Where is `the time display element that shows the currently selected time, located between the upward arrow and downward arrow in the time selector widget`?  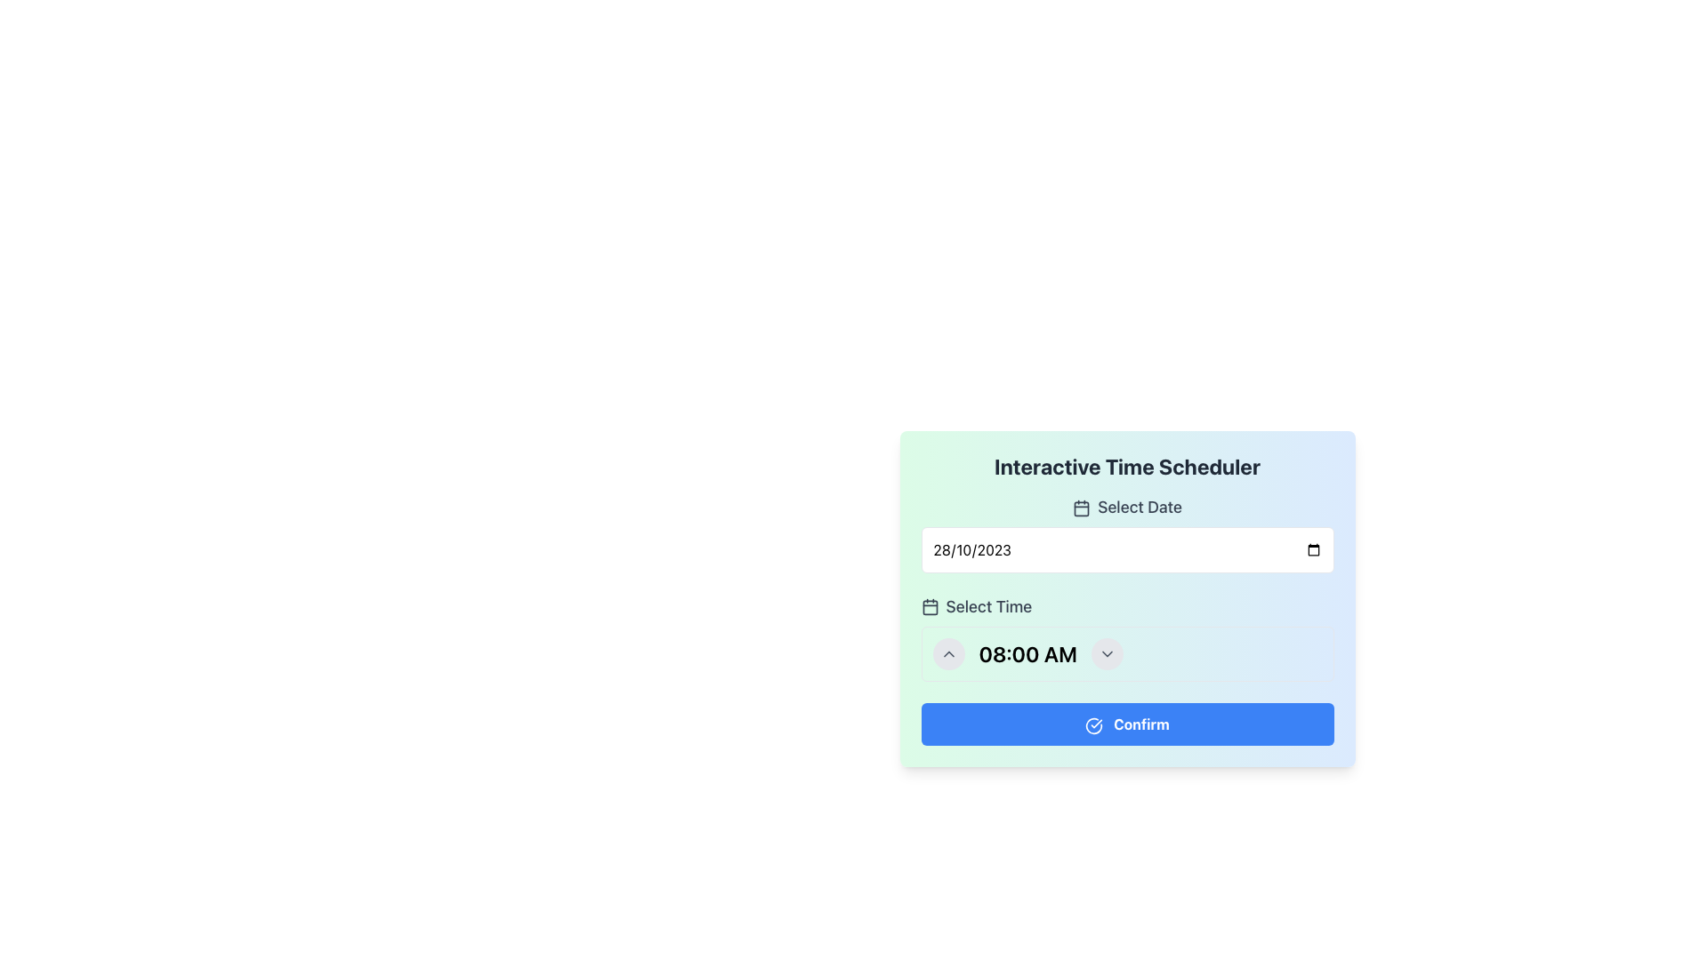
the time display element that shows the currently selected time, located between the upward arrow and downward arrow in the time selector widget is located at coordinates (1027, 654).